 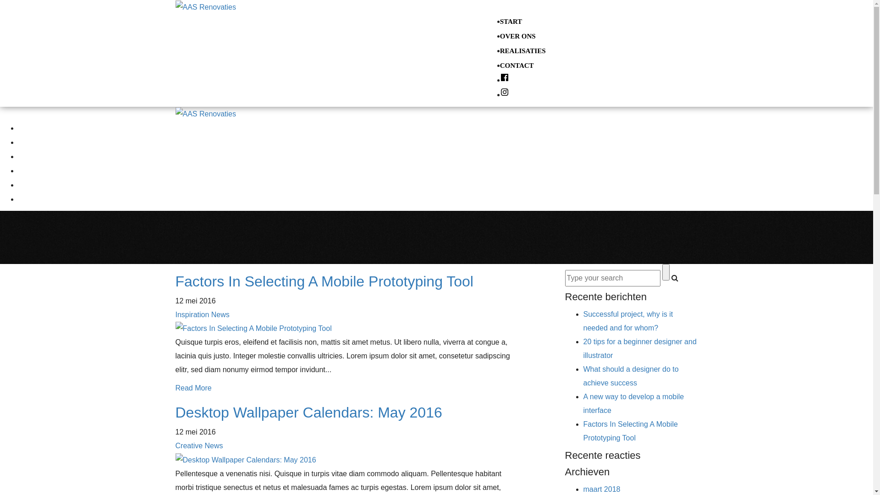 What do you see at coordinates (25, 127) in the screenshot?
I see `'Start'` at bounding box center [25, 127].